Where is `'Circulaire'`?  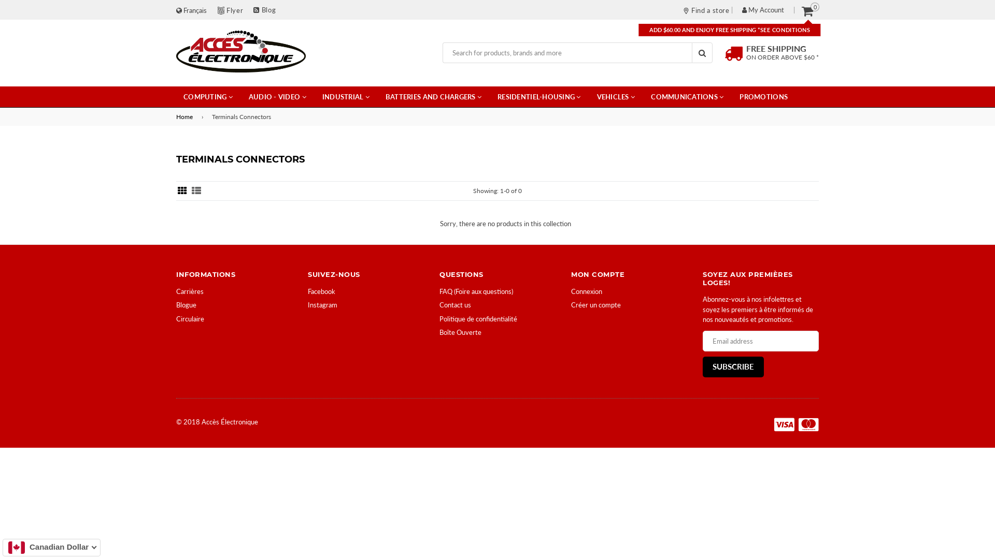 'Circulaire' is located at coordinates (190, 318).